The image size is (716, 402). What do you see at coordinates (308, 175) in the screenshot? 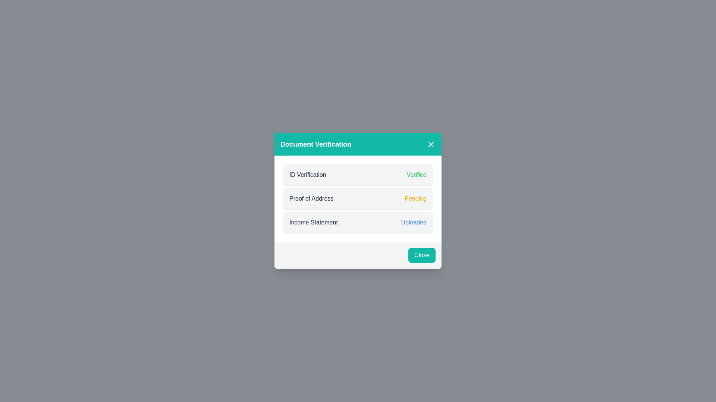
I see `the text block displaying 'ID Verification' which is styled with medium font weight and dark gray color, located in a light gray box within the 'Document Verification' dialog` at bounding box center [308, 175].